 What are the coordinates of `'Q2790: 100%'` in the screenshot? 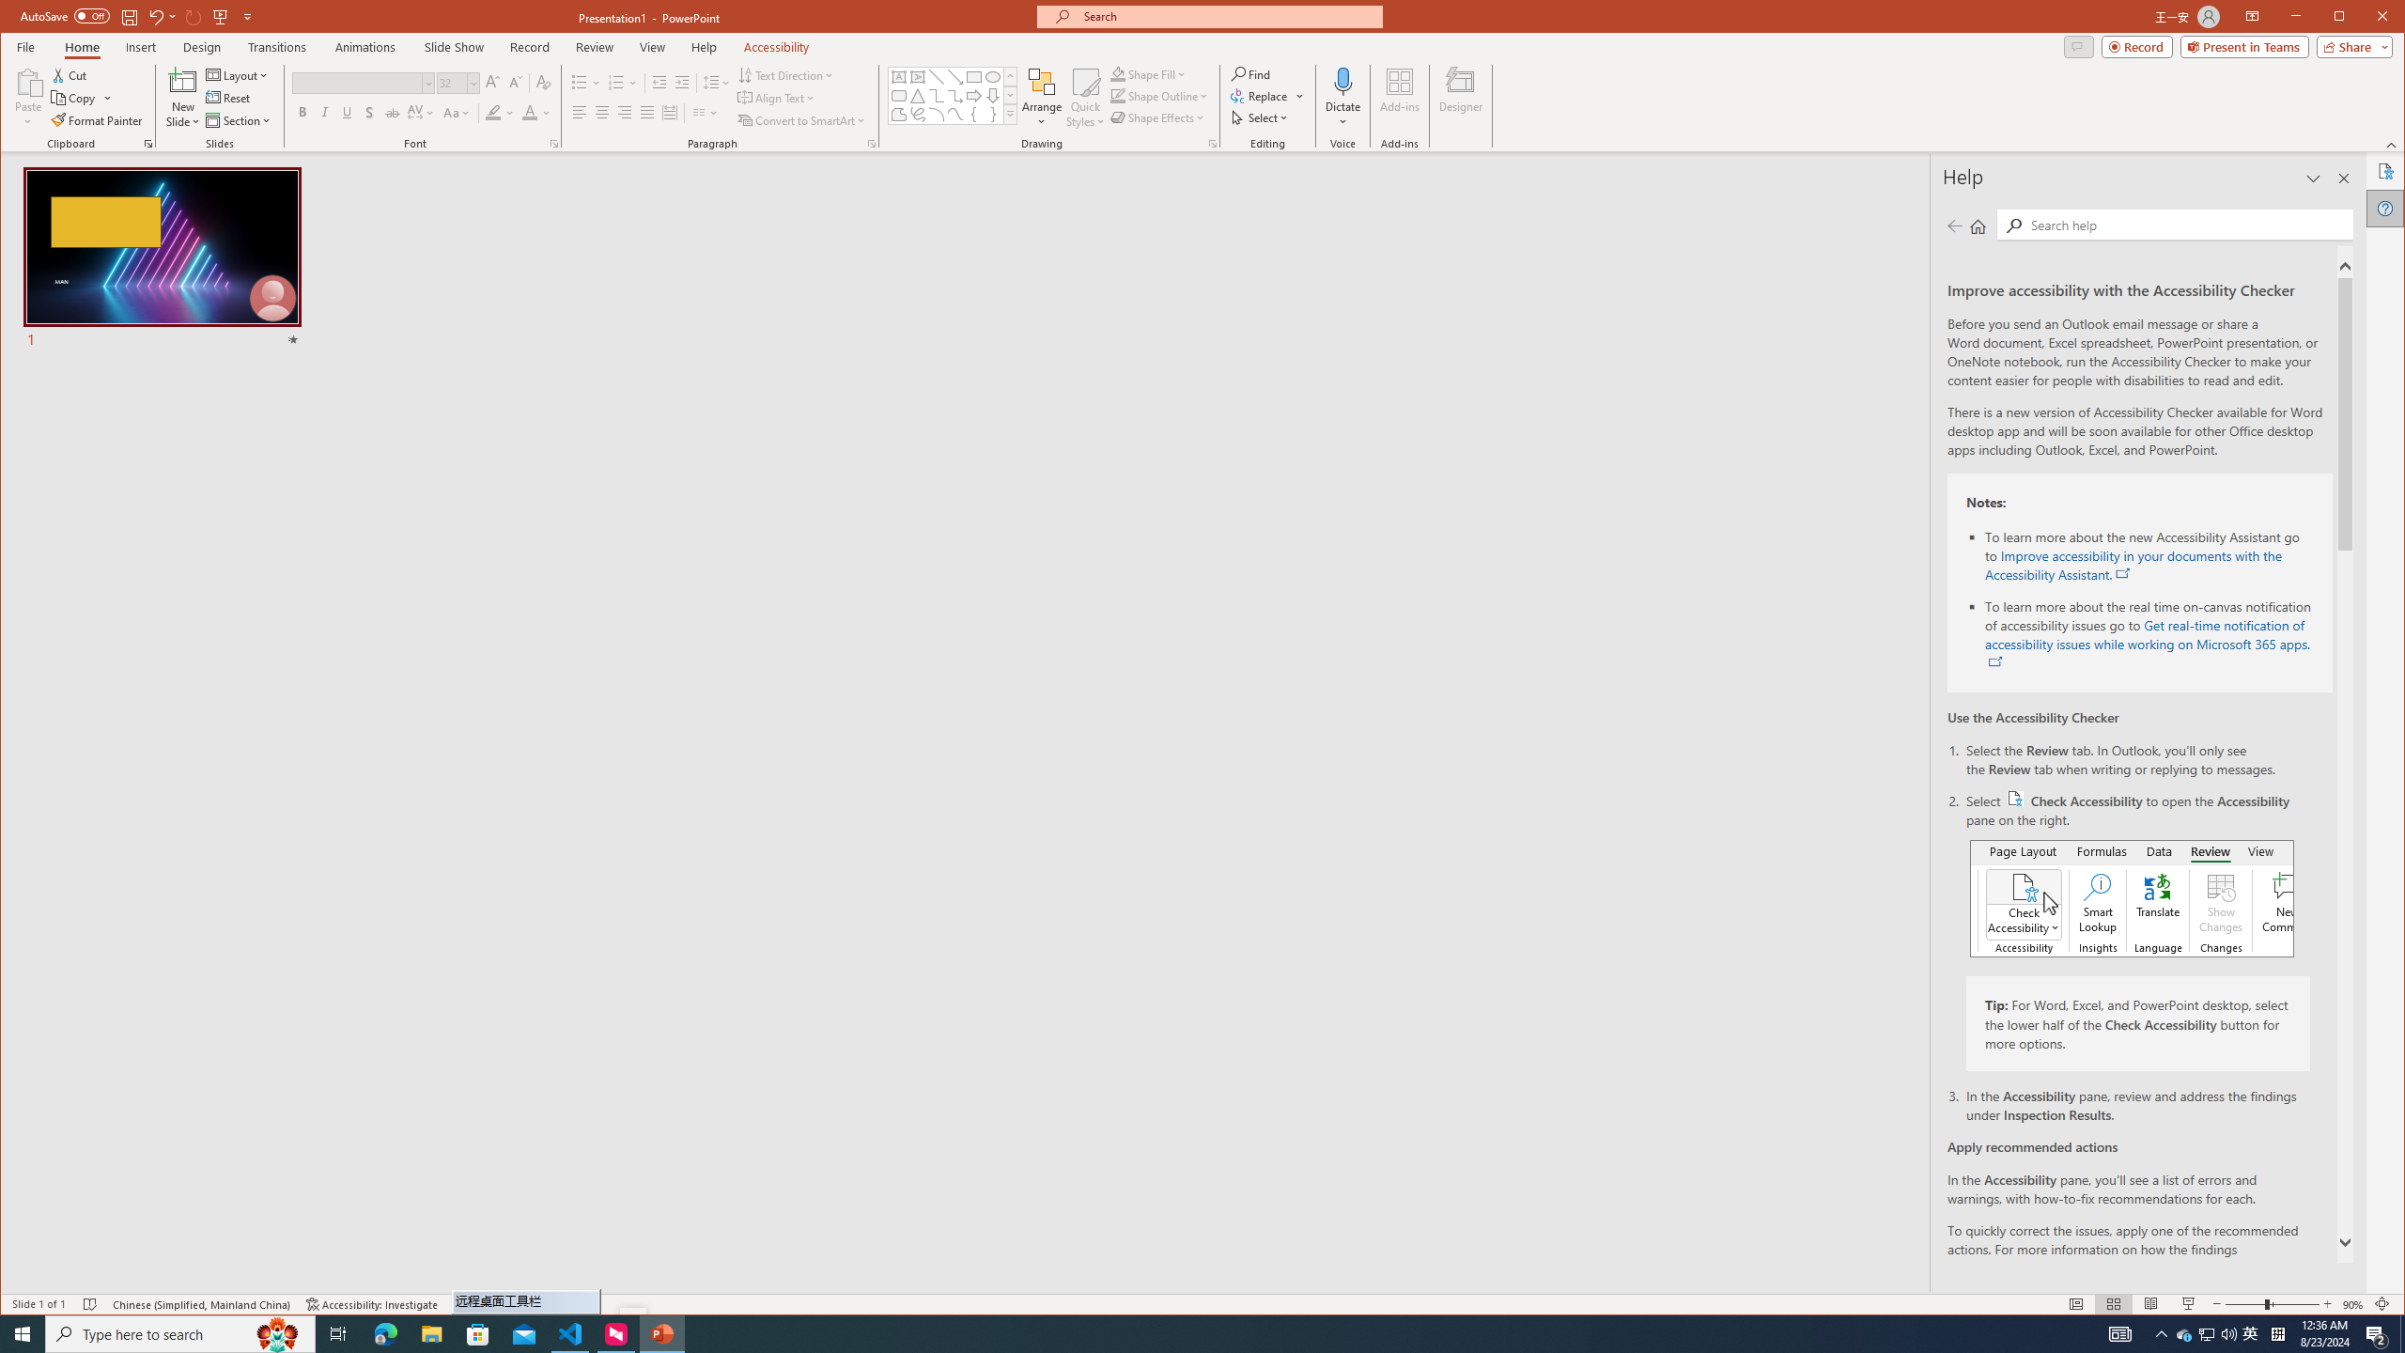 It's located at (2228, 1332).